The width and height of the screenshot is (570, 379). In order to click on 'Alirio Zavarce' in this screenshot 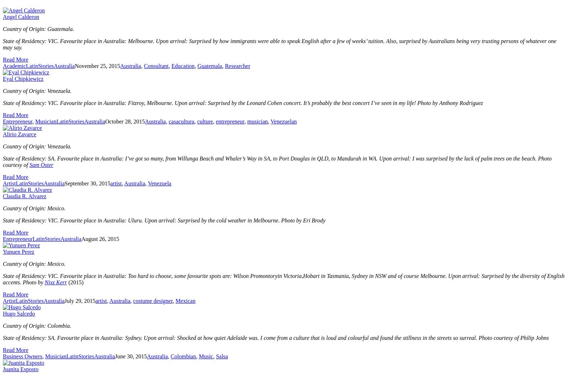, I will do `click(19, 134)`.